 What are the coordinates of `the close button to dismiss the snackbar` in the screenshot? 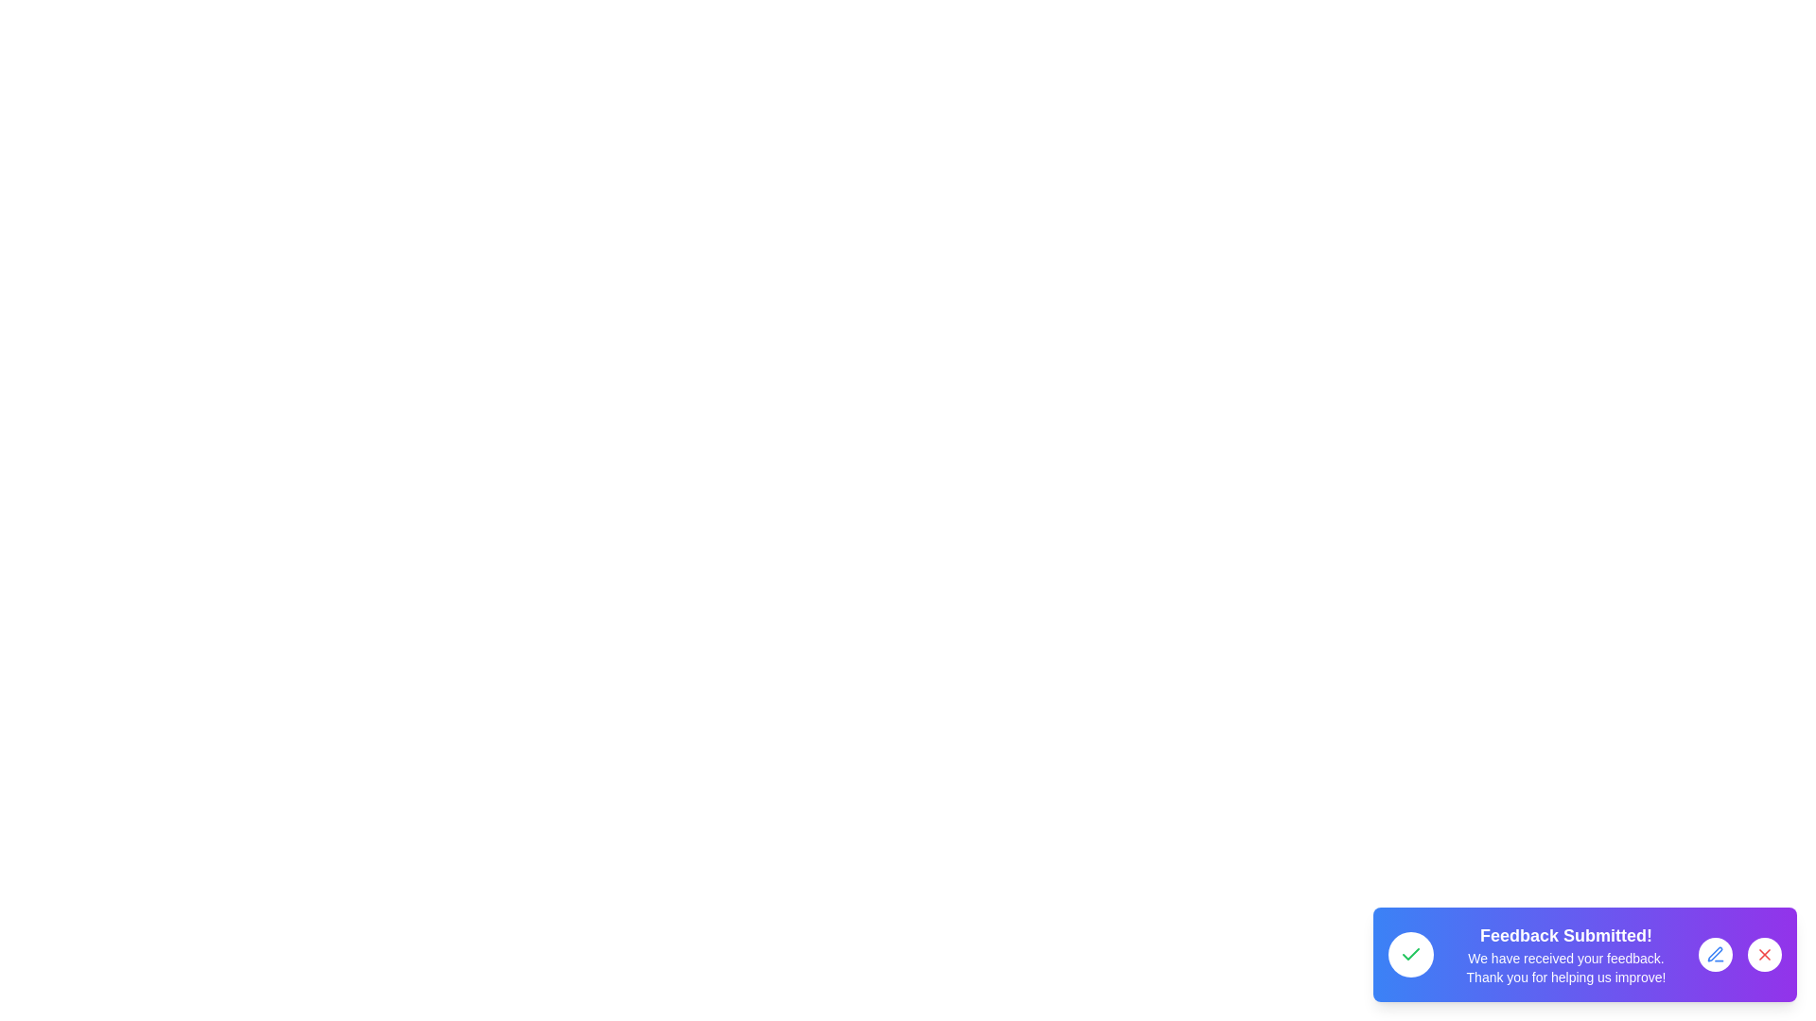 It's located at (1764, 955).